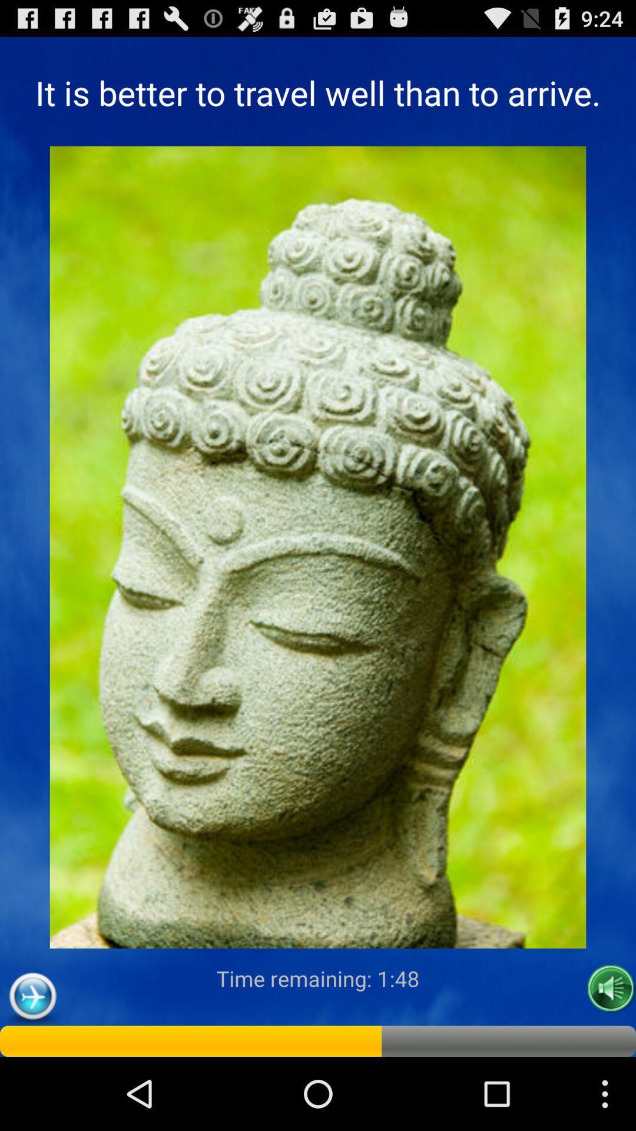 The width and height of the screenshot is (636, 1131). What do you see at coordinates (610, 988) in the screenshot?
I see `icon next to the time remaining 1` at bounding box center [610, 988].